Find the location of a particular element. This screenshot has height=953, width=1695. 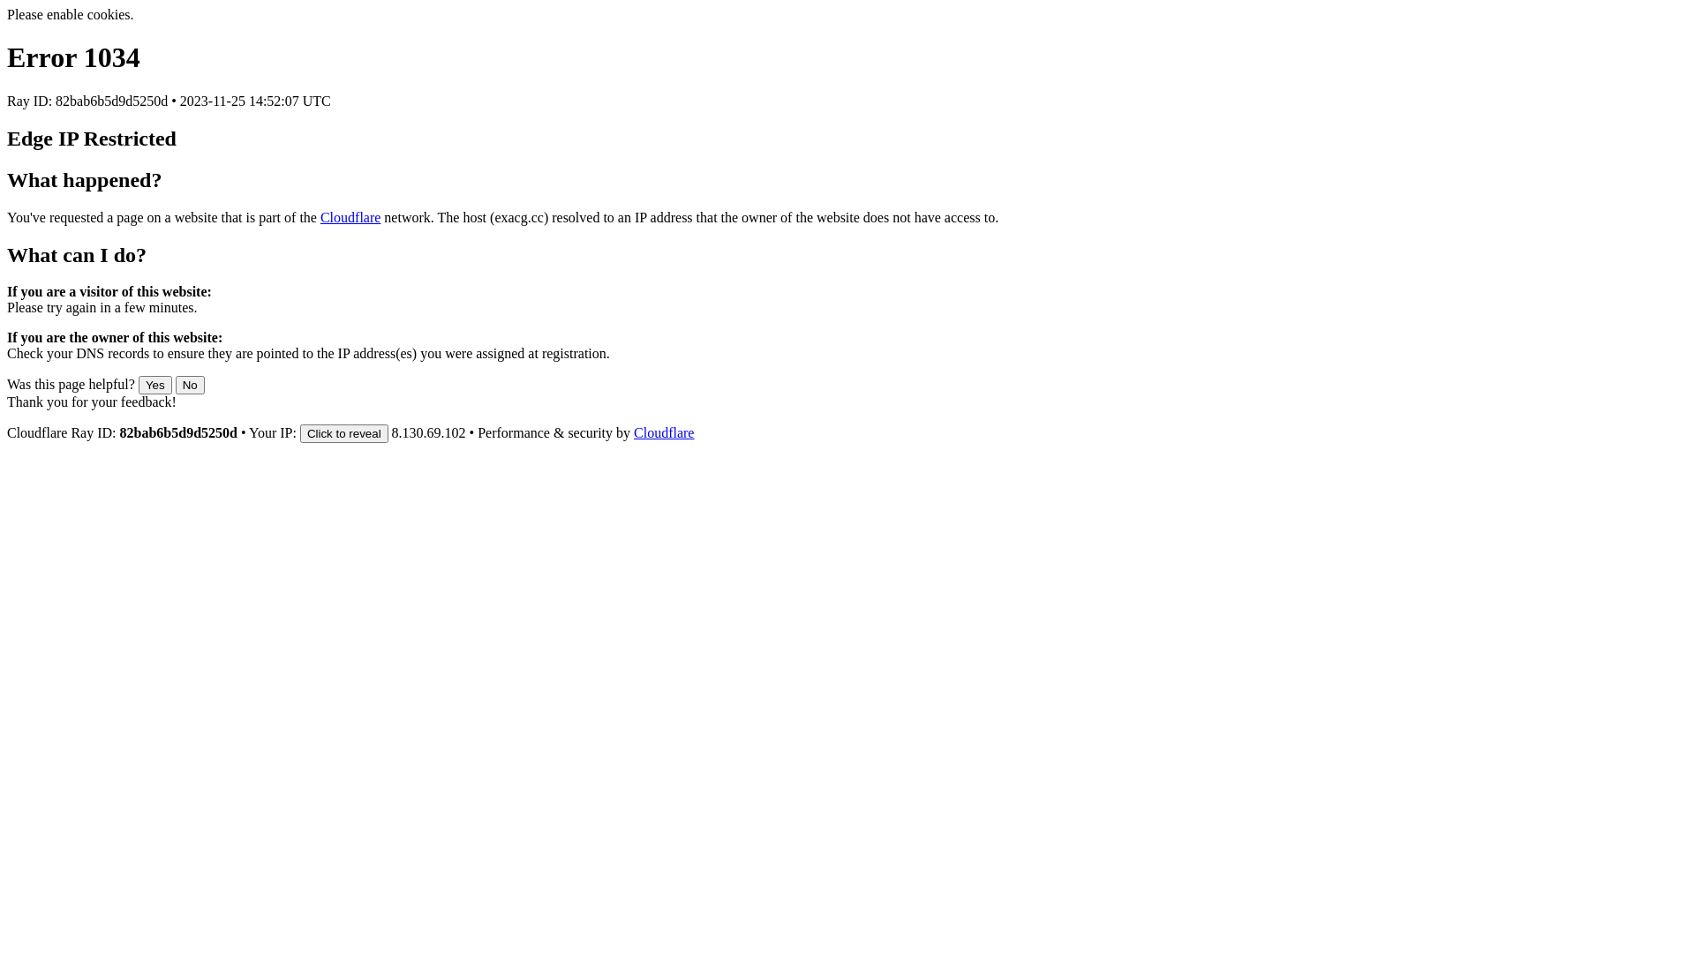

'Yes' is located at coordinates (155, 384).